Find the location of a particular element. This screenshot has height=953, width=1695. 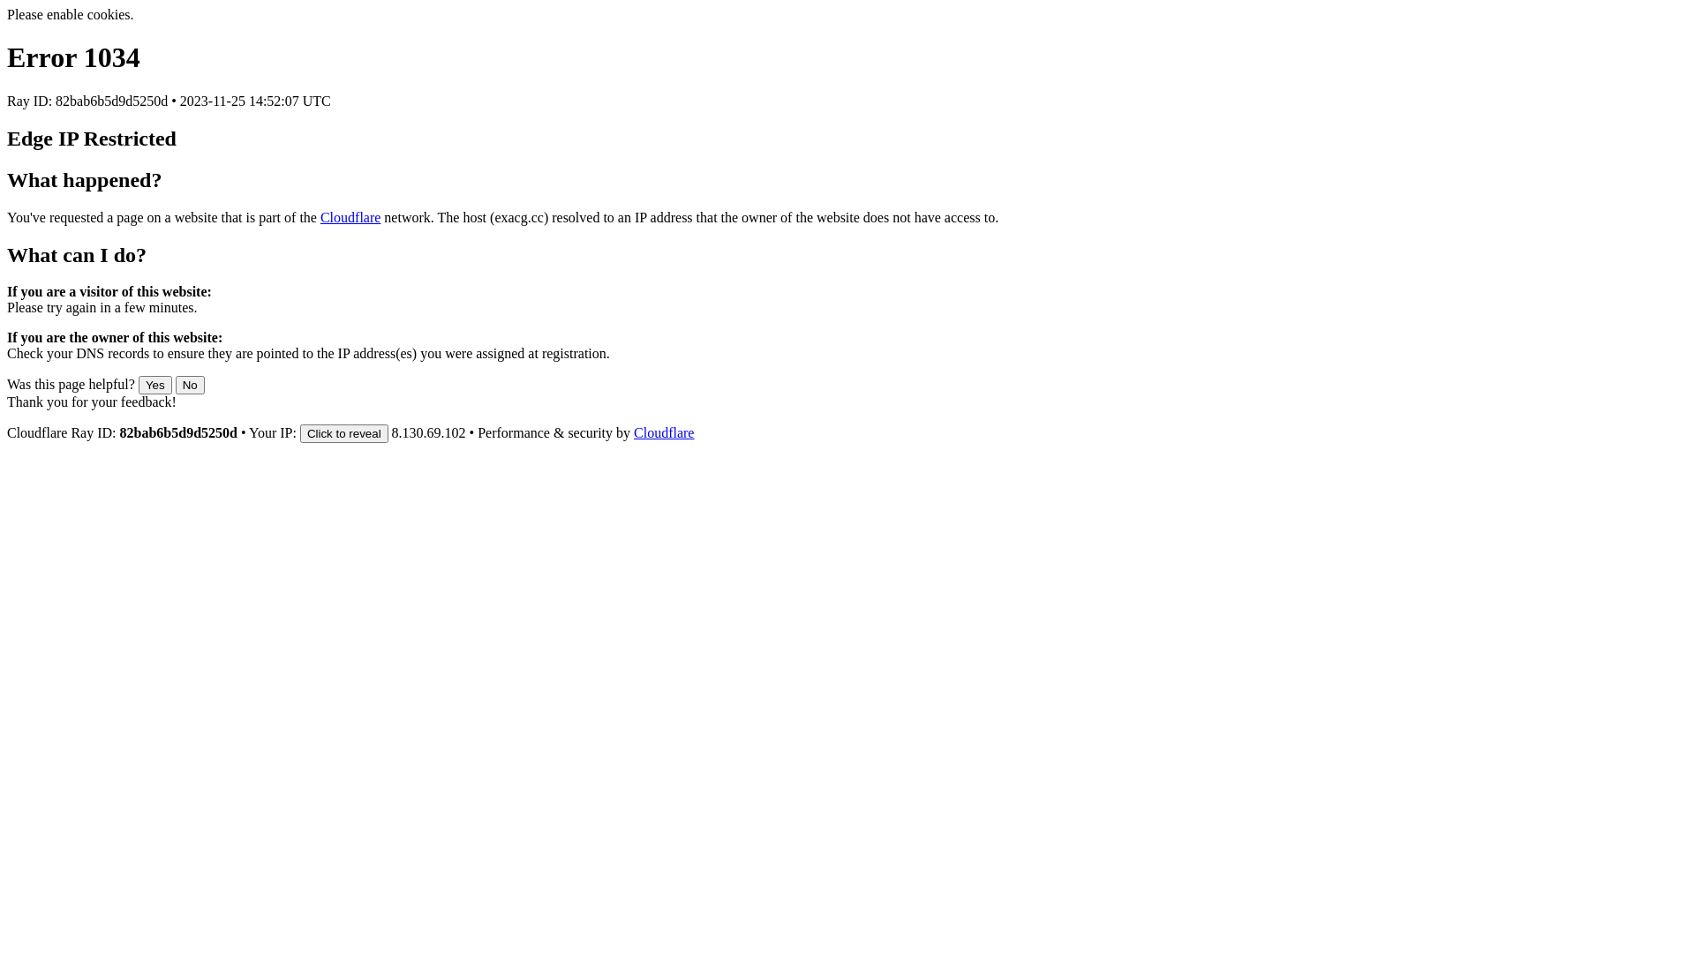

'Yes' is located at coordinates (155, 384).